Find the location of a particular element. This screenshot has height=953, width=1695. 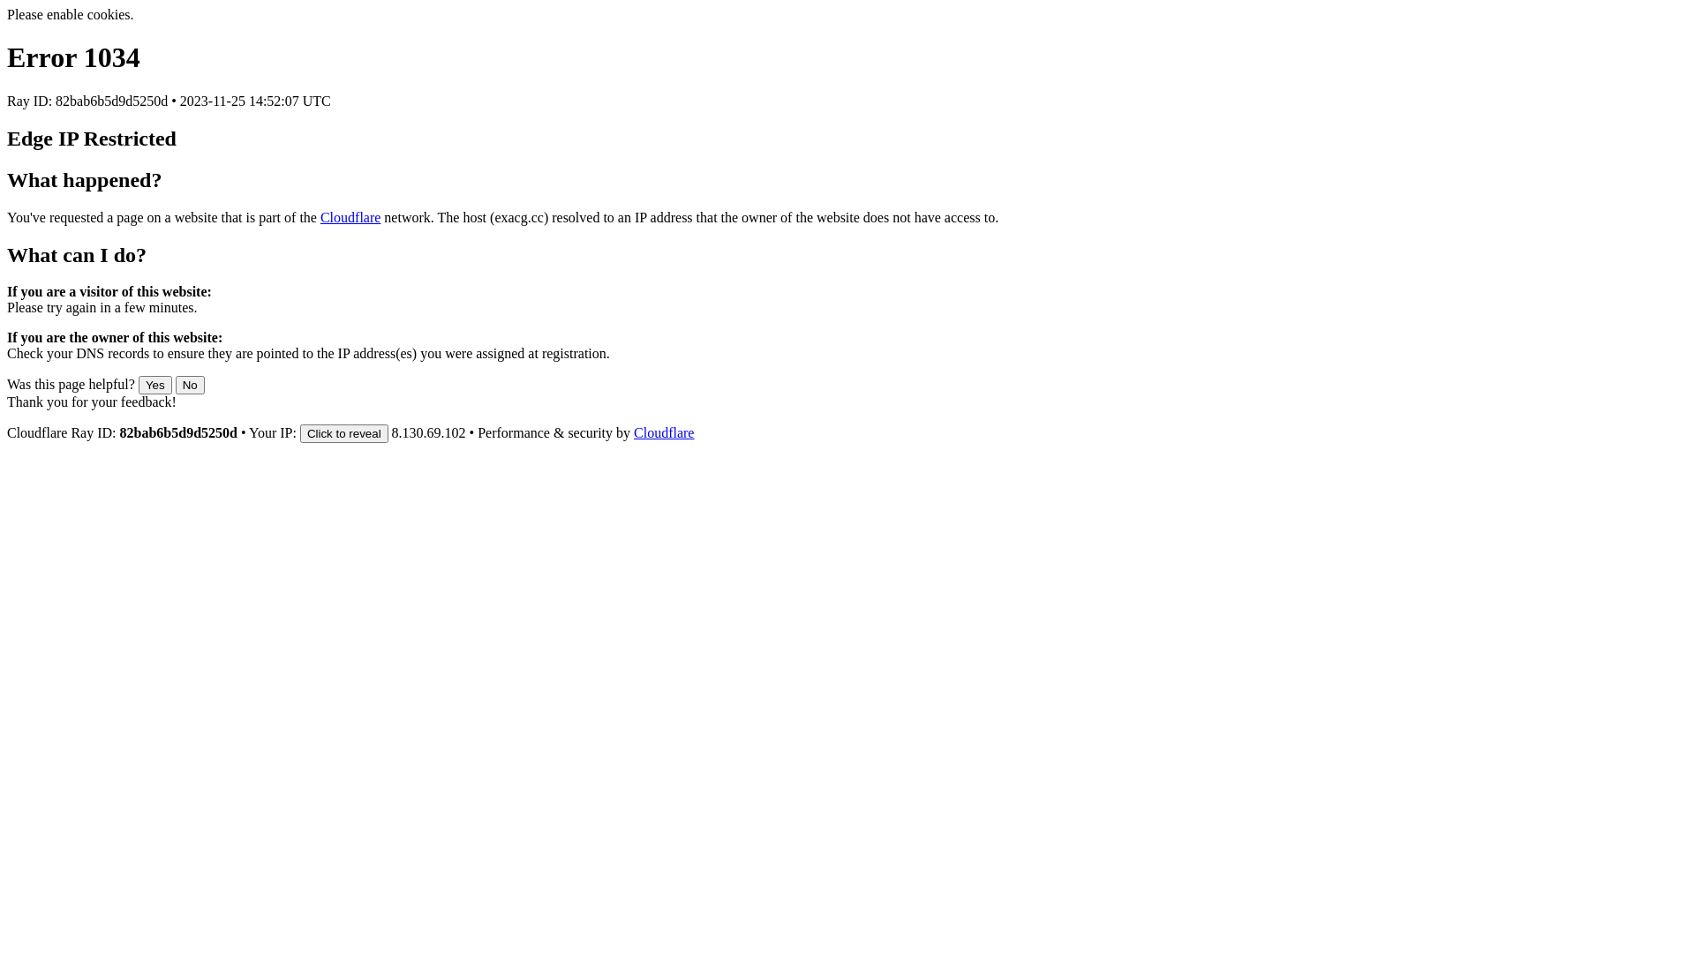

'Yes' is located at coordinates (155, 384).